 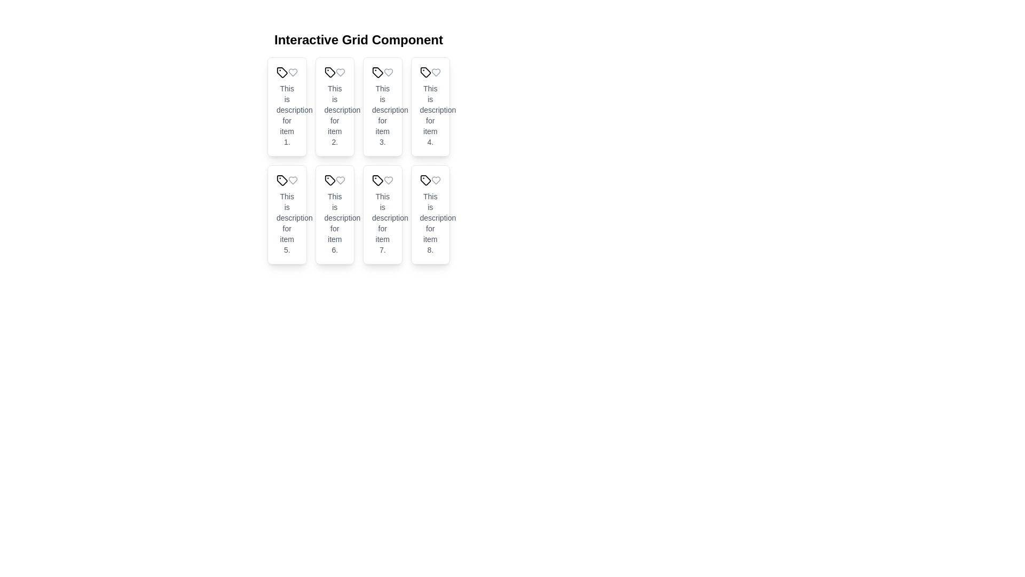 I want to click on the heart icon in the Decorative element which combines two SVG icons, located at the top section of the first card in a grid layout, so click(x=287, y=72).